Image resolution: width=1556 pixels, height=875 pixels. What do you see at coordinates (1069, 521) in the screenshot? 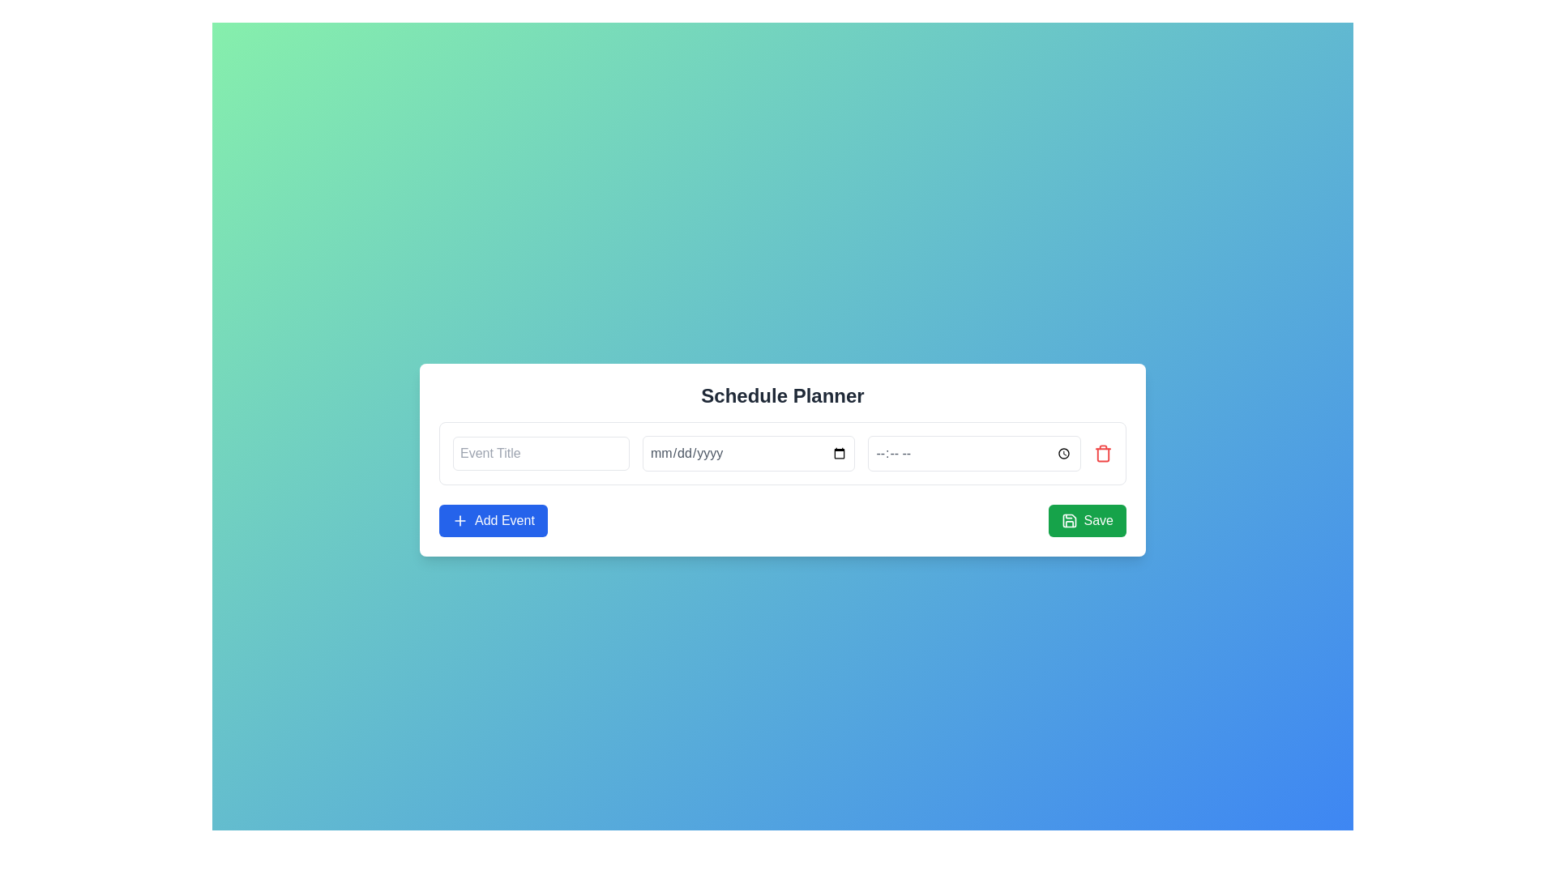
I see `the 'Save' icon located in the bottom-right corner of the white card` at bounding box center [1069, 521].